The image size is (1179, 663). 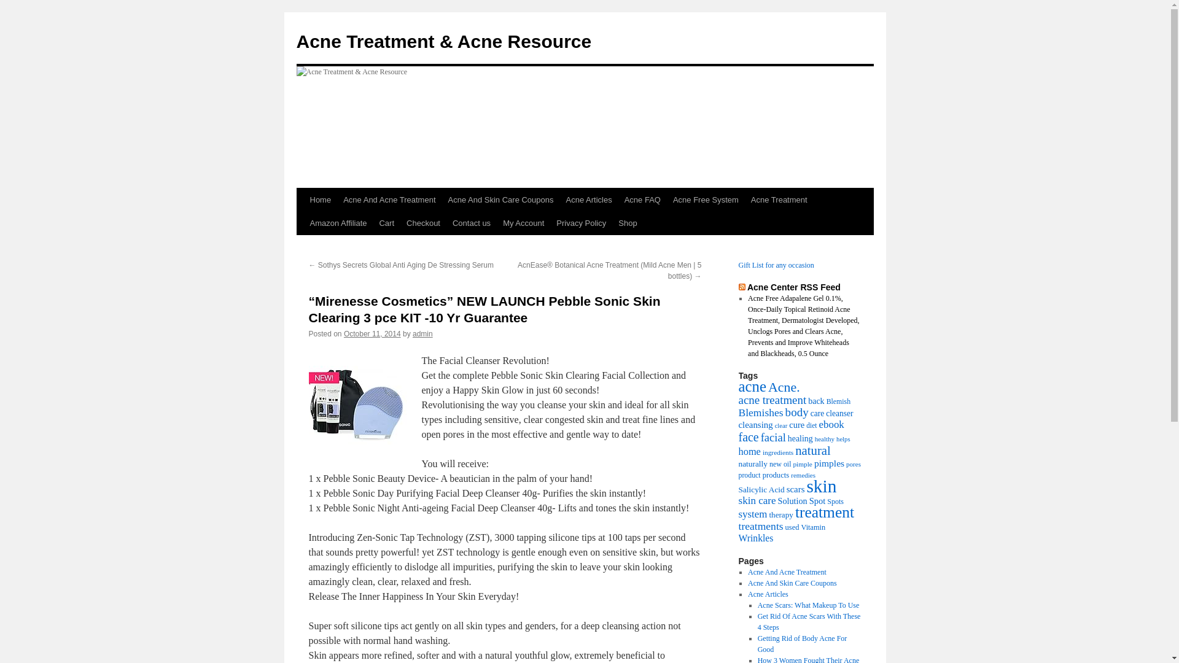 I want to click on 'treatments', so click(x=760, y=525).